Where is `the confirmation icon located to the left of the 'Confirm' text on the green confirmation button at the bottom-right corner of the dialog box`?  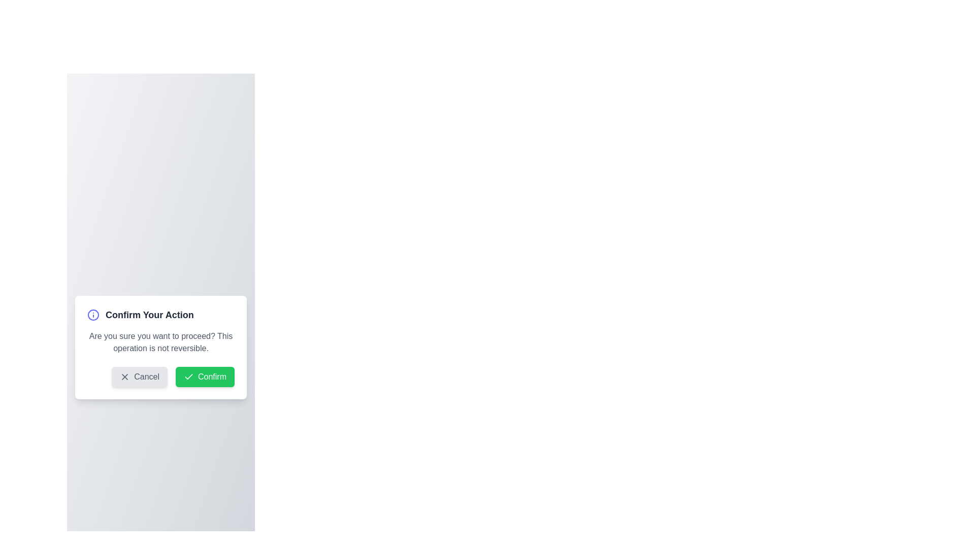
the confirmation icon located to the left of the 'Confirm' text on the green confirmation button at the bottom-right corner of the dialog box is located at coordinates (188, 376).